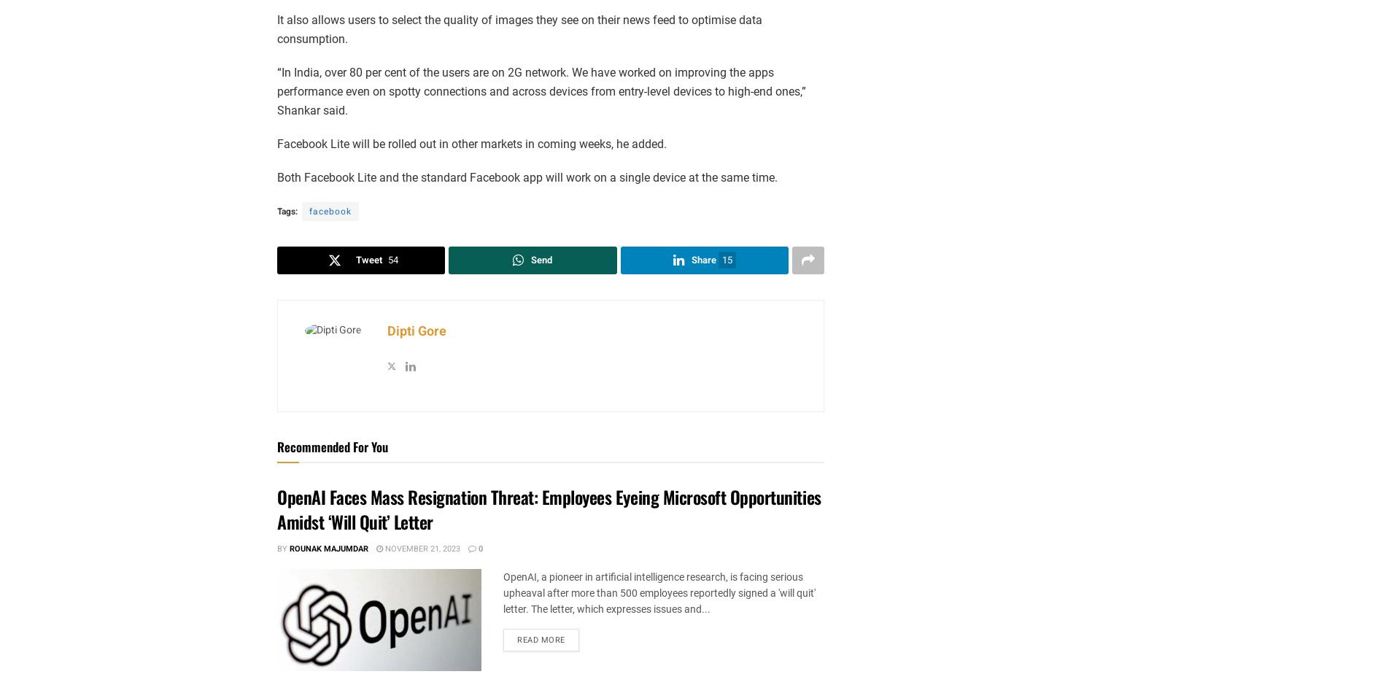  Describe the element at coordinates (541, 259) in the screenshot. I see `'Send'` at that location.